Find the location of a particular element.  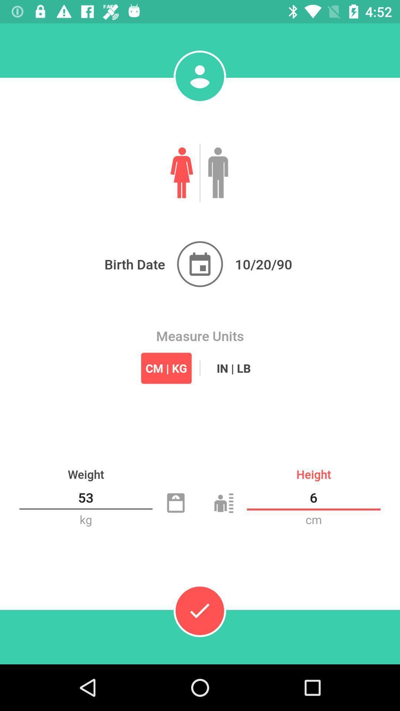

the check icon is located at coordinates (199, 611).